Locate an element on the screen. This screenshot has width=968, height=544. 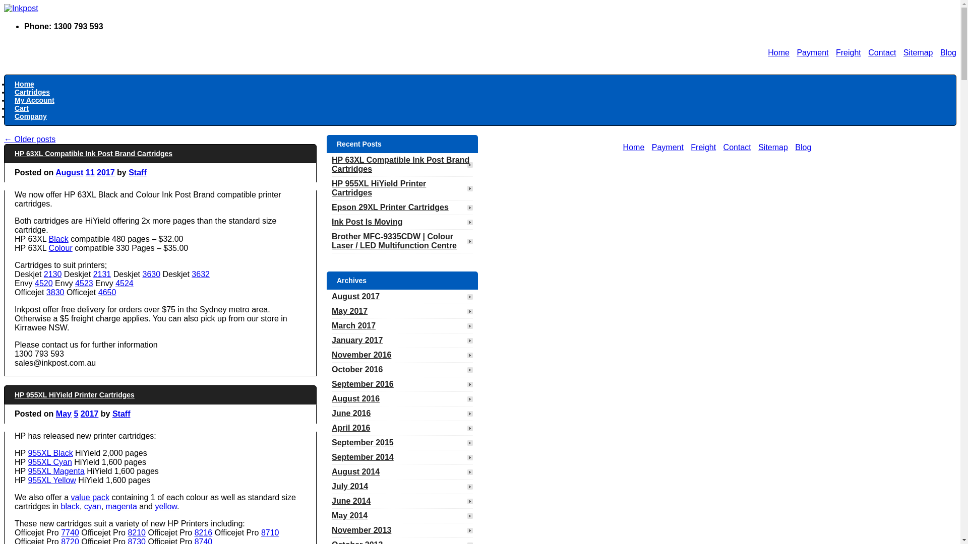
'Epson 29XL Printer Cartridges' is located at coordinates (331, 207).